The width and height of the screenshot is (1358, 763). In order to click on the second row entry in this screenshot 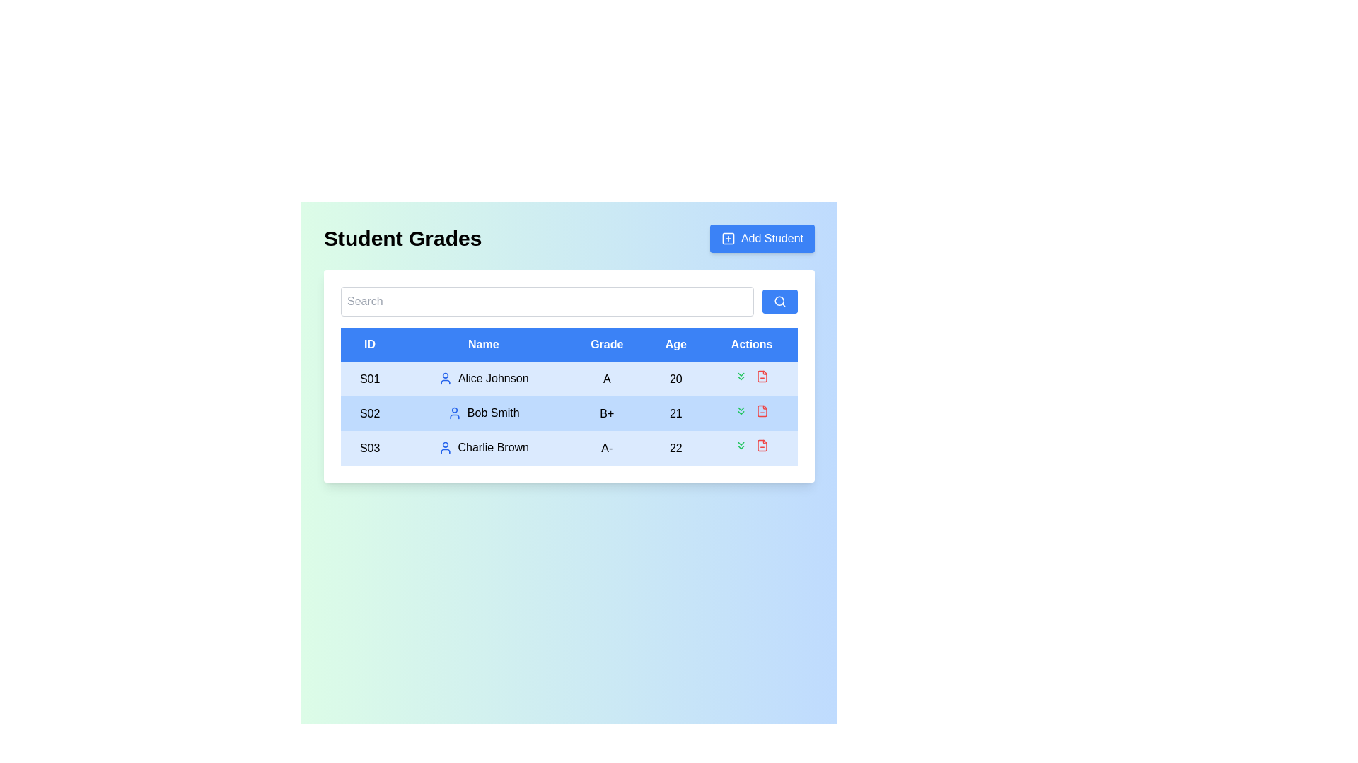, I will do `click(569, 413)`.